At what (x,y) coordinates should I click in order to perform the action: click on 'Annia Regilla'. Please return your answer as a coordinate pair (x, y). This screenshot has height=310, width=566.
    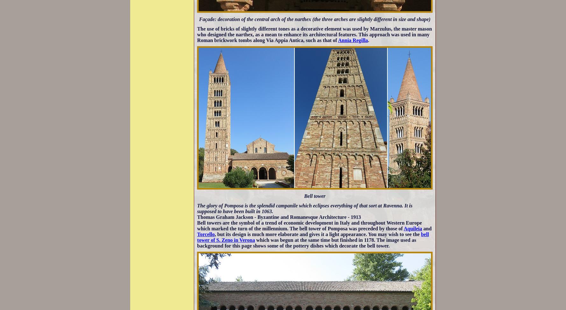
    Looking at the image, I should click on (352, 40).